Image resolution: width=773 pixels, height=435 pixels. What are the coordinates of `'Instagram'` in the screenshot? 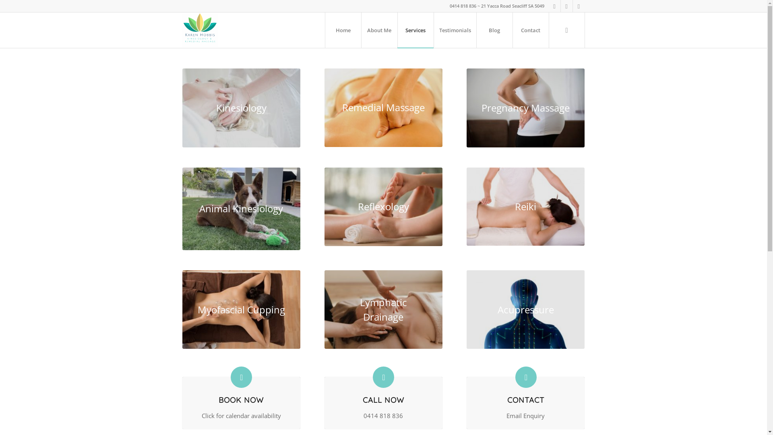 It's located at (566, 6).